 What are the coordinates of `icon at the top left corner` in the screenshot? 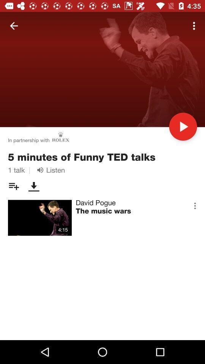 It's located at (14, 26).